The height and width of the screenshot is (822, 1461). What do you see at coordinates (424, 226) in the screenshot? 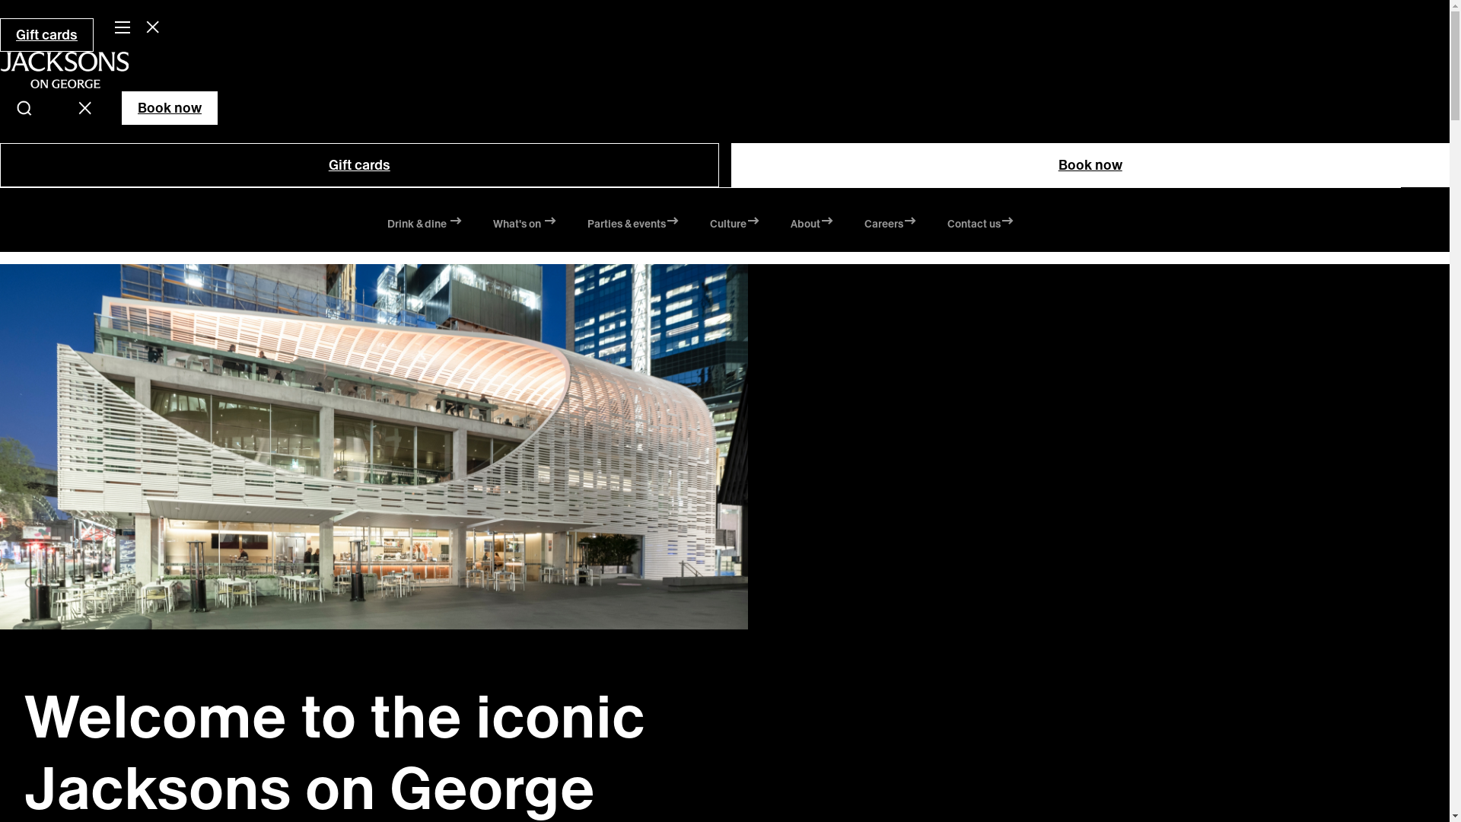
I see `'Drink & dine'` at bounding box center [424, 226].